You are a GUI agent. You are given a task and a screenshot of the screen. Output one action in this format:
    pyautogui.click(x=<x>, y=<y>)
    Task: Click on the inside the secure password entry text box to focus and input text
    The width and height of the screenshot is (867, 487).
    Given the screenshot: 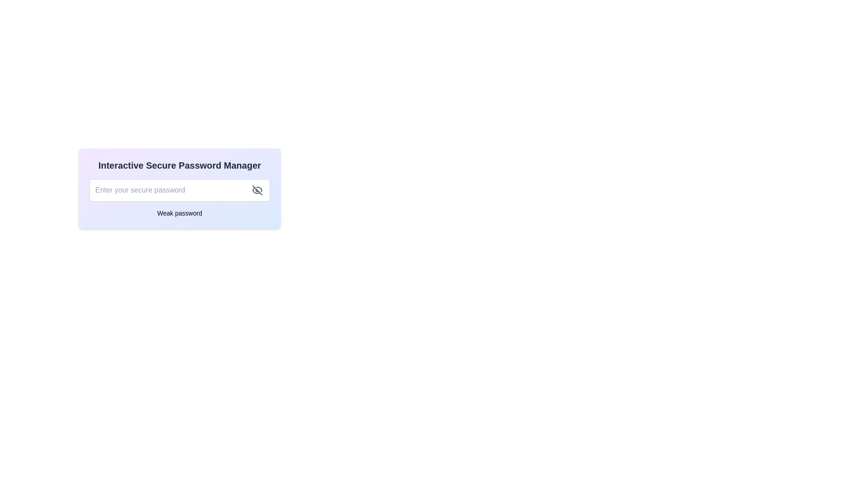 What is the action you would take?
    pyautogui.click(x=180, y=188)
    